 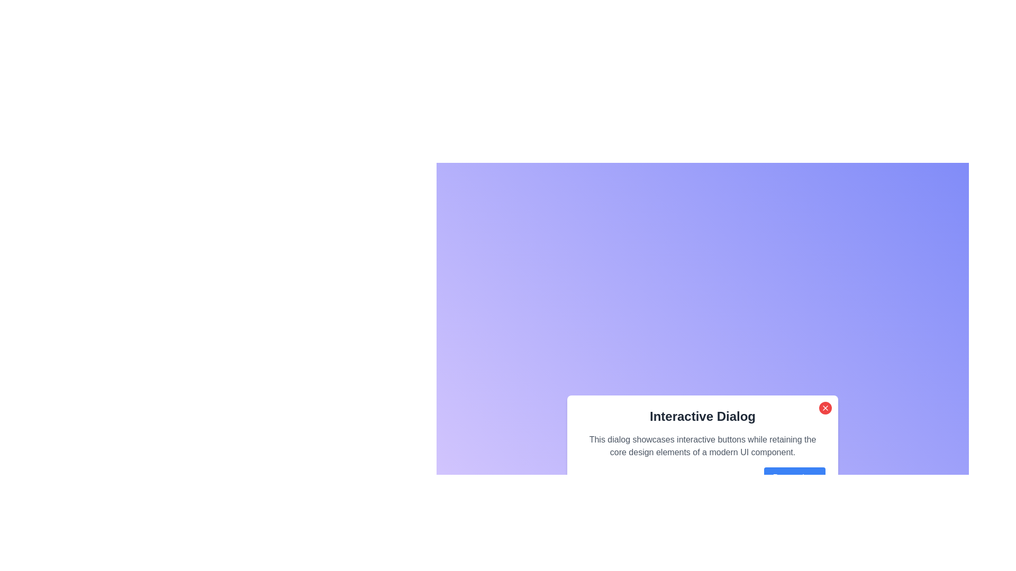 What do you see at coordinates (795, 477) in the screenshot?
I see `the blue 'Proceed' button located at the bottom-right corner of the dialog box to proceed` at bounding box center [795, 477].